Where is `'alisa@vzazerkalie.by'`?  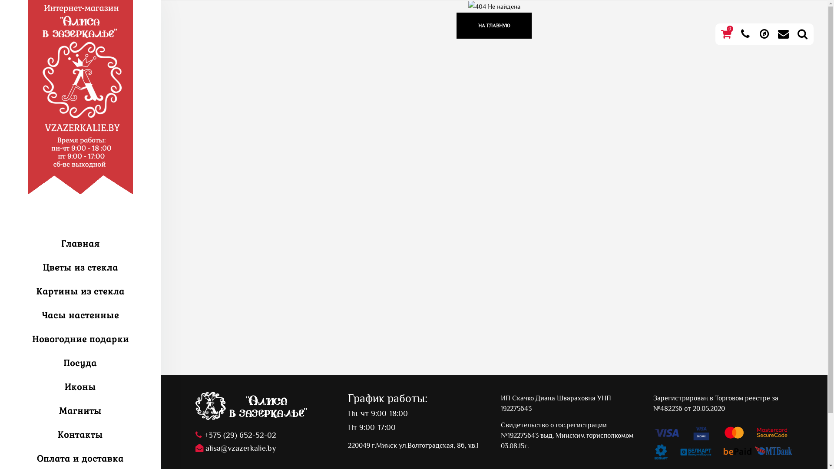
'alisa@vzazerkalie.by' is located at coordinates (195, 448).